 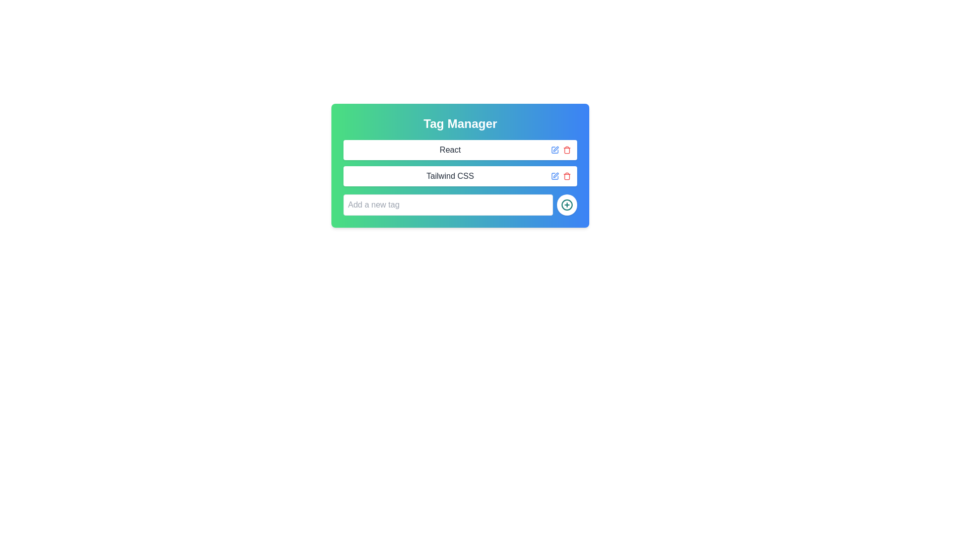 I want to click on the Circular button icon located at the bottom-right corner of the 'Add a new tag' input field, so click(x=567, y=205).